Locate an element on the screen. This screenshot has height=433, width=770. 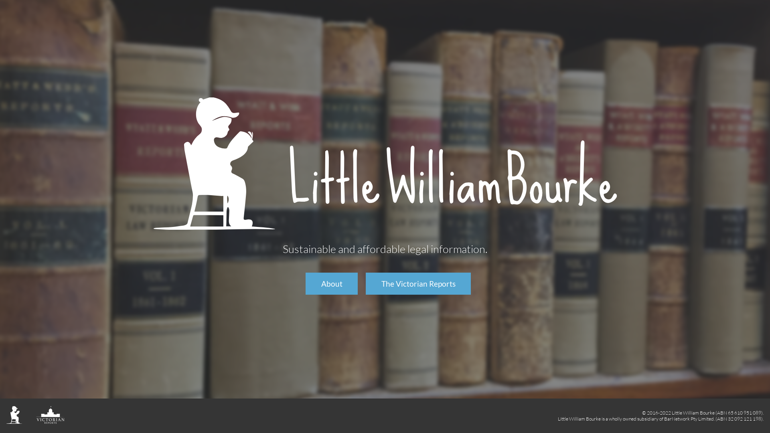
'About' is located at coordinates (305, 283).